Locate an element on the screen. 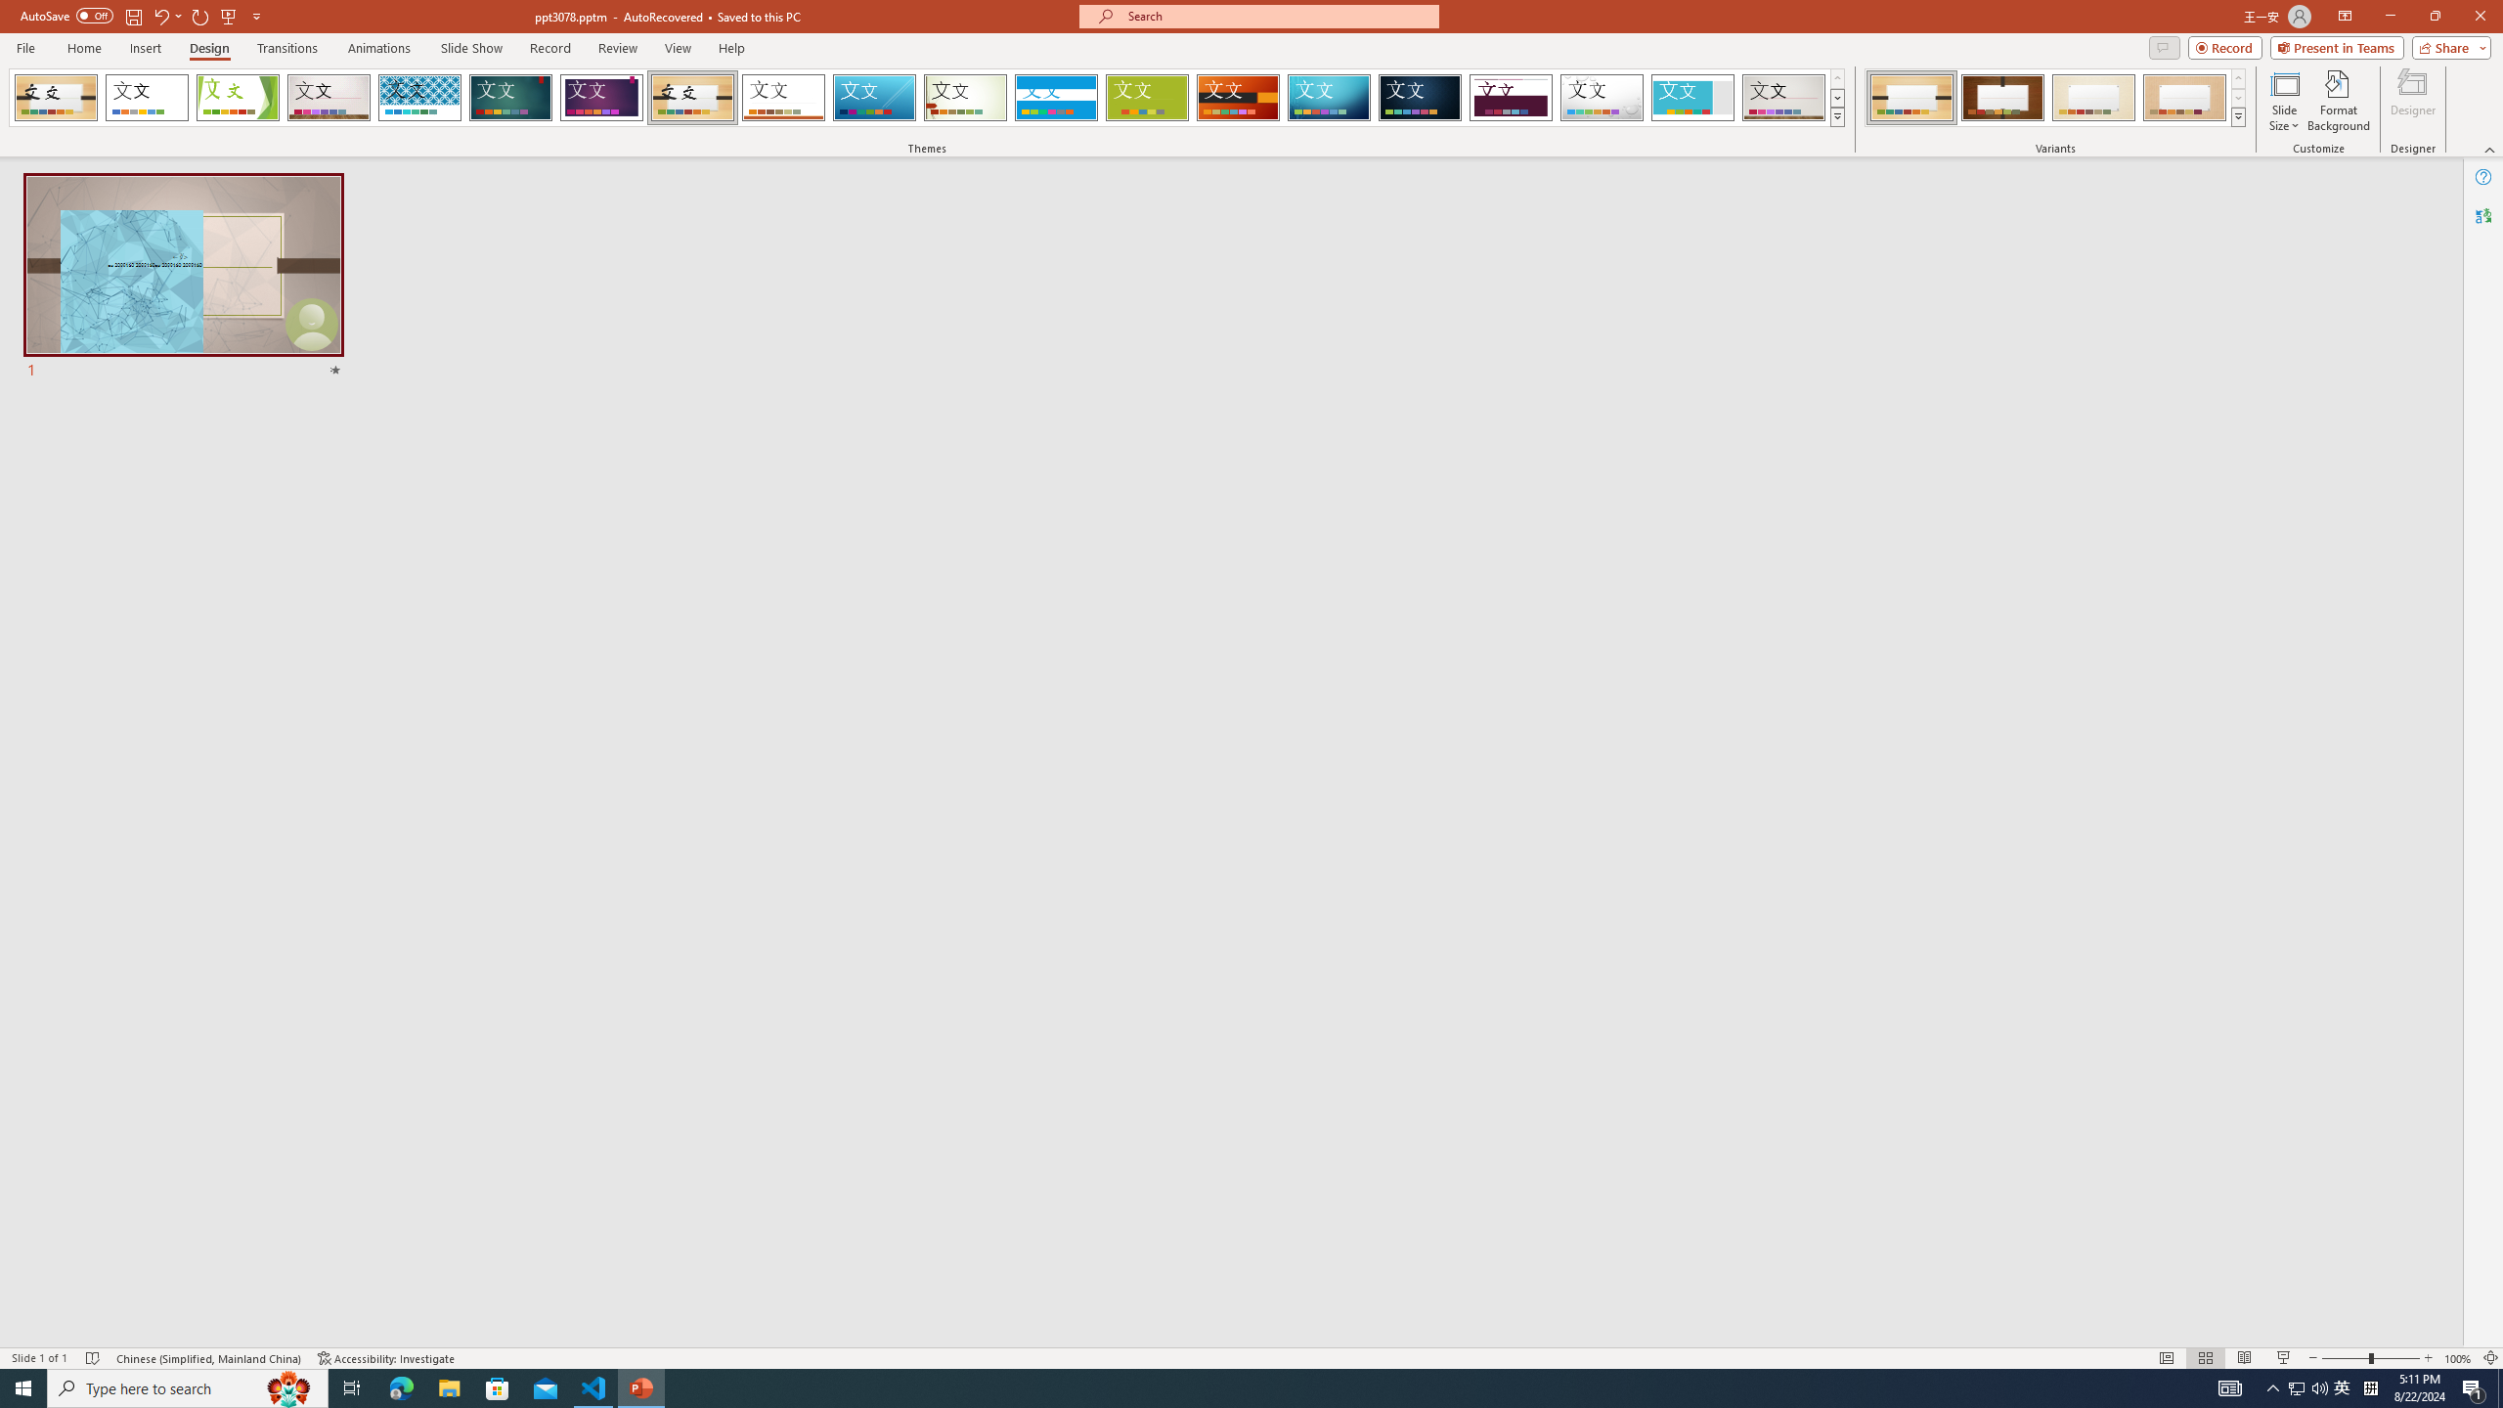  'Dividend' is located at coordinates (1511, 97).